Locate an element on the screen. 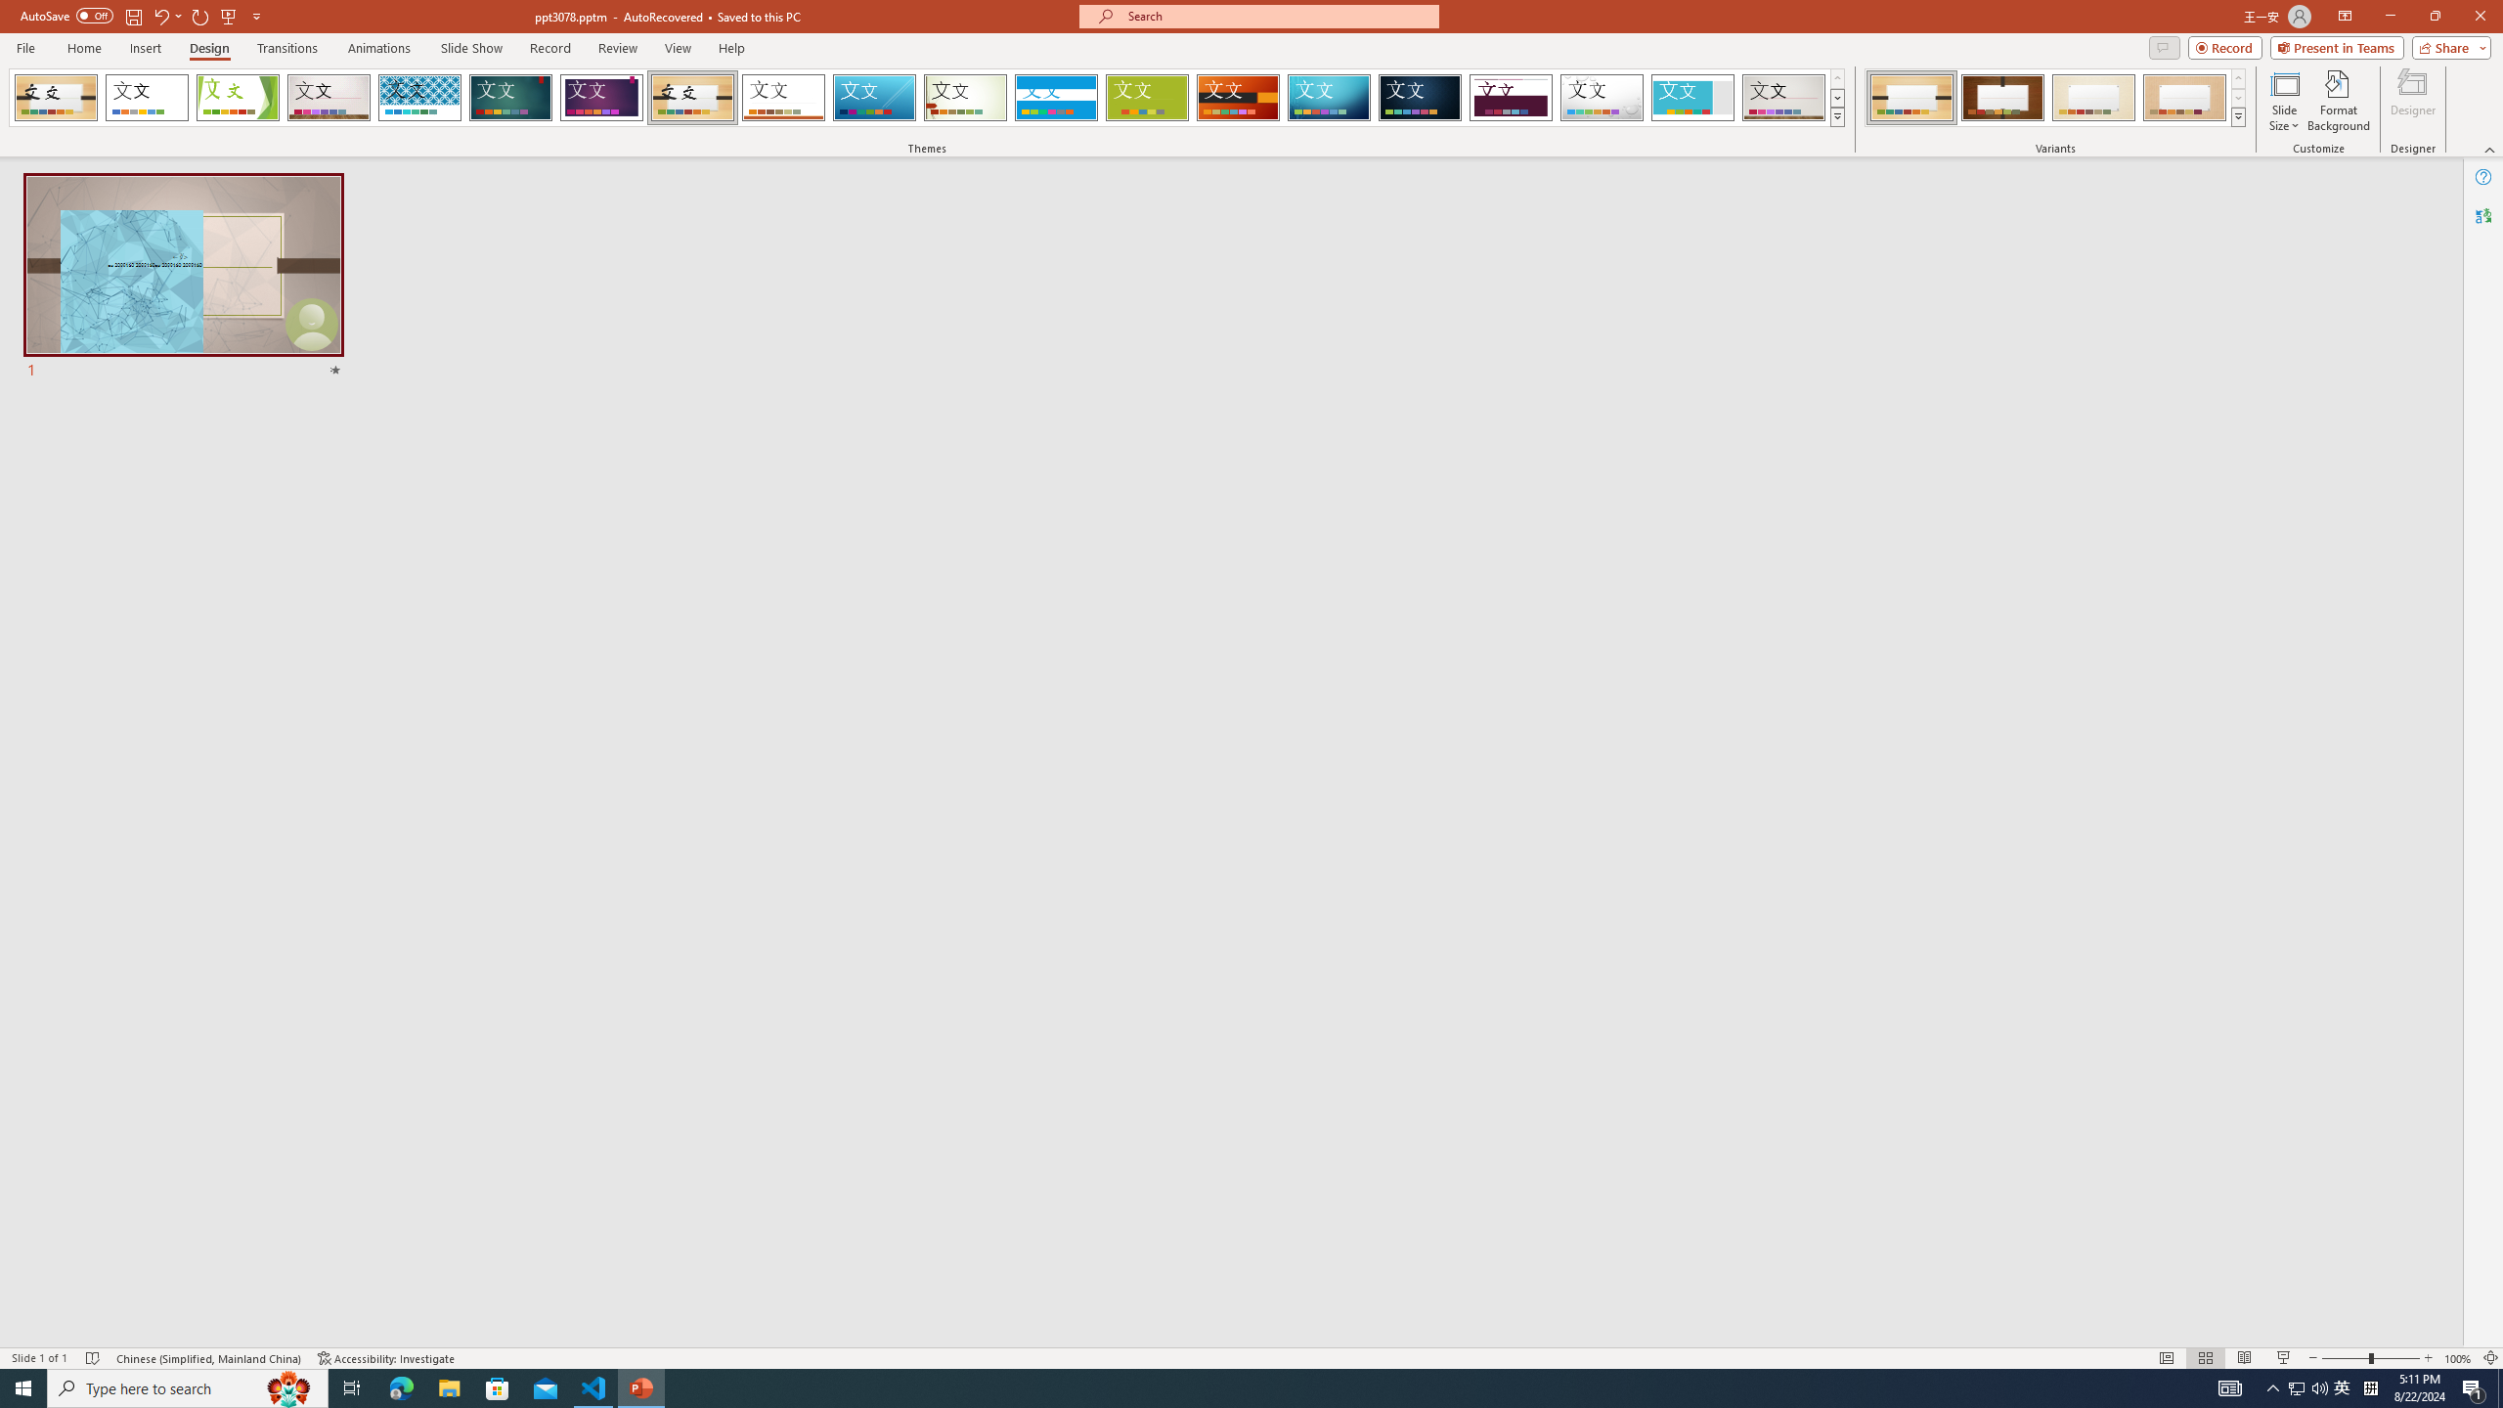  'Dividend' is located at coordinates (1511, 97).